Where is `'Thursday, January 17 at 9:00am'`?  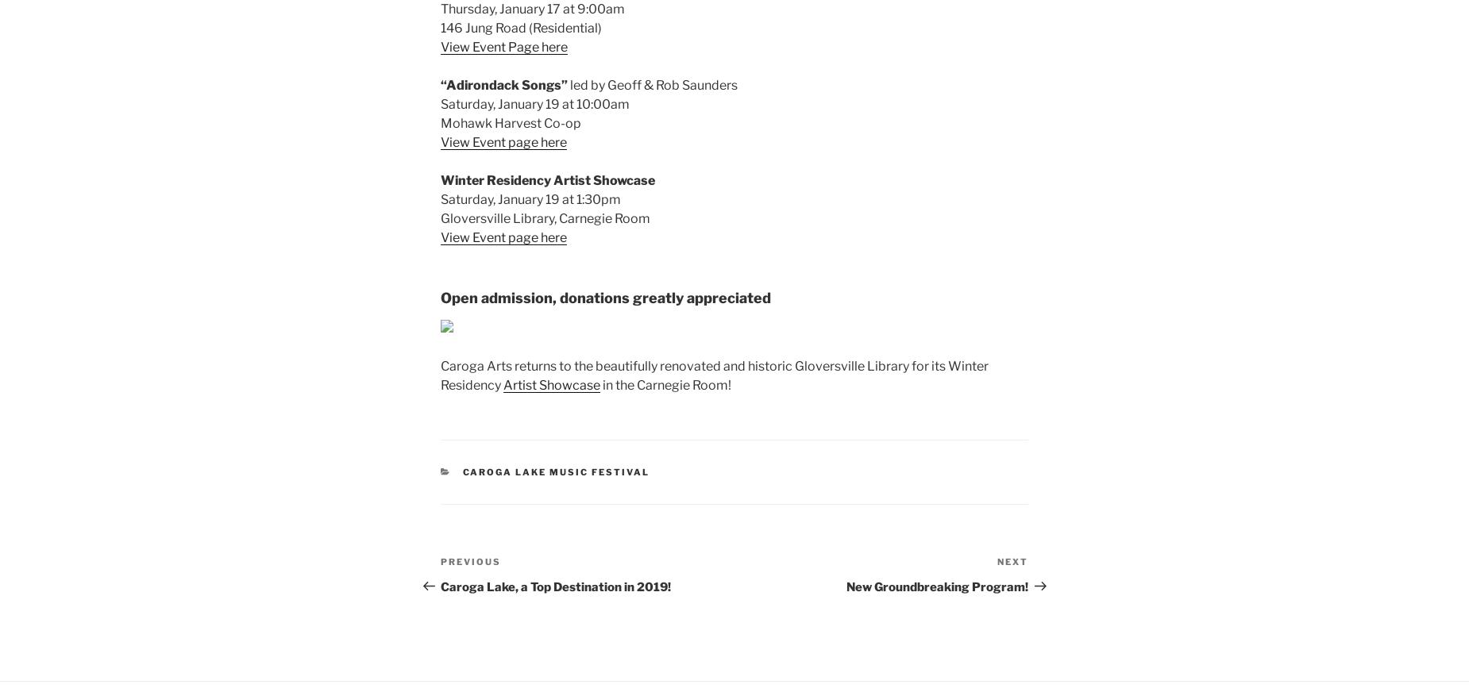 'Thursday, January 17 at 9:00am' is located at coordinates (532, 8).